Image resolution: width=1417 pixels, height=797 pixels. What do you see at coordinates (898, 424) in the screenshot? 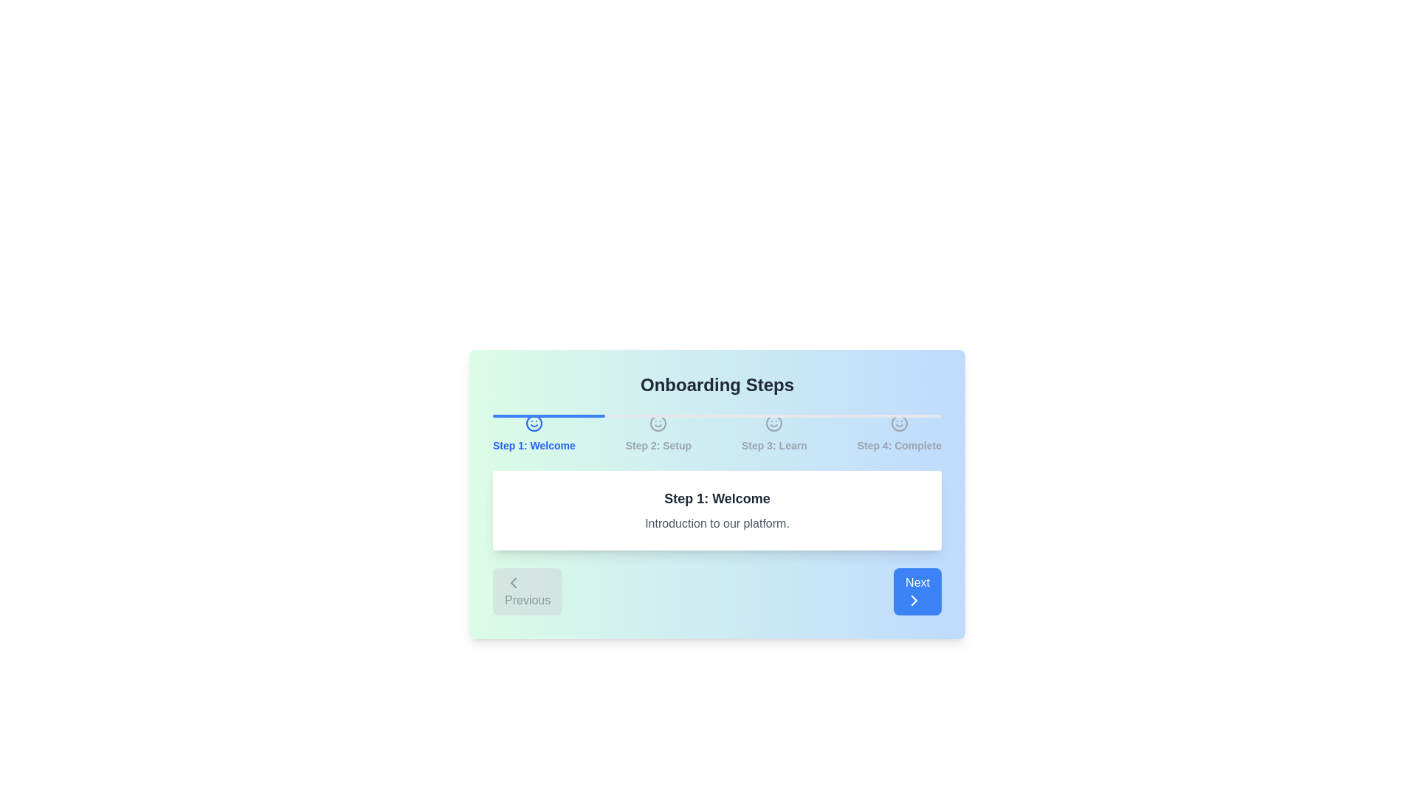
I see `the circular component of the progress icon for 'Step 4: Complete' in the onboarding steps` at bounding box center [898, 424].